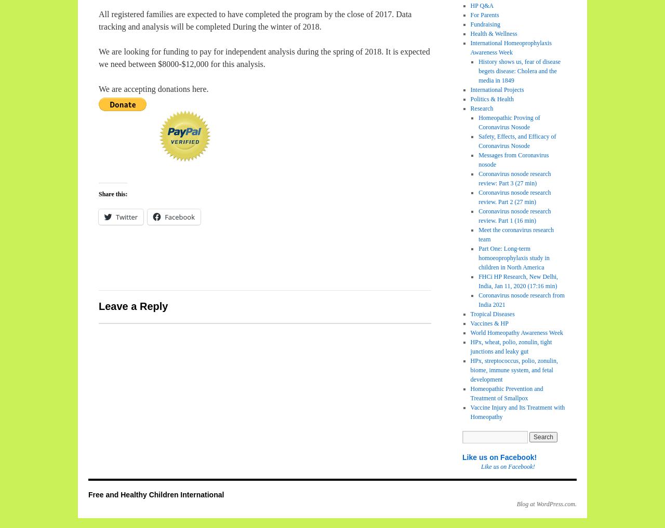  I want to click on 'Free and Healthy Children International', so click(155, 494).